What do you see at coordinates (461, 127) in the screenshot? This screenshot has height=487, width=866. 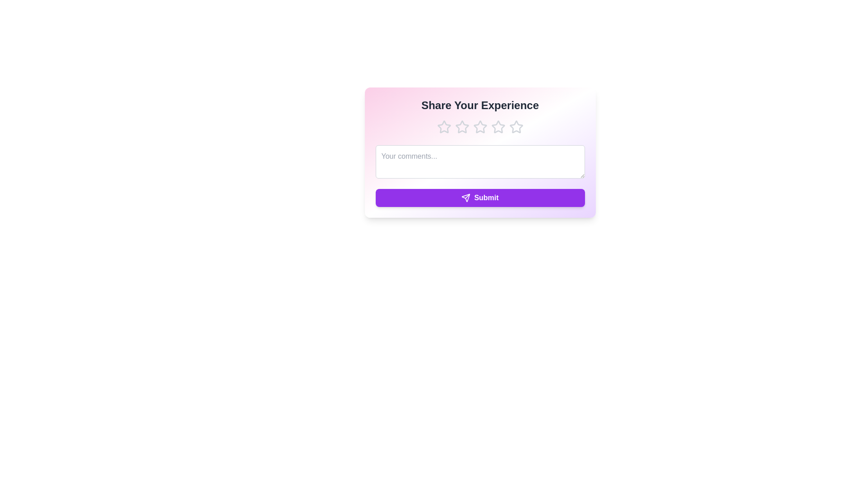 I see `the second star icon in the 5-star rating system located near the top-center of the card titled 'Share Your Experience'` at bounding box center [461, 127].